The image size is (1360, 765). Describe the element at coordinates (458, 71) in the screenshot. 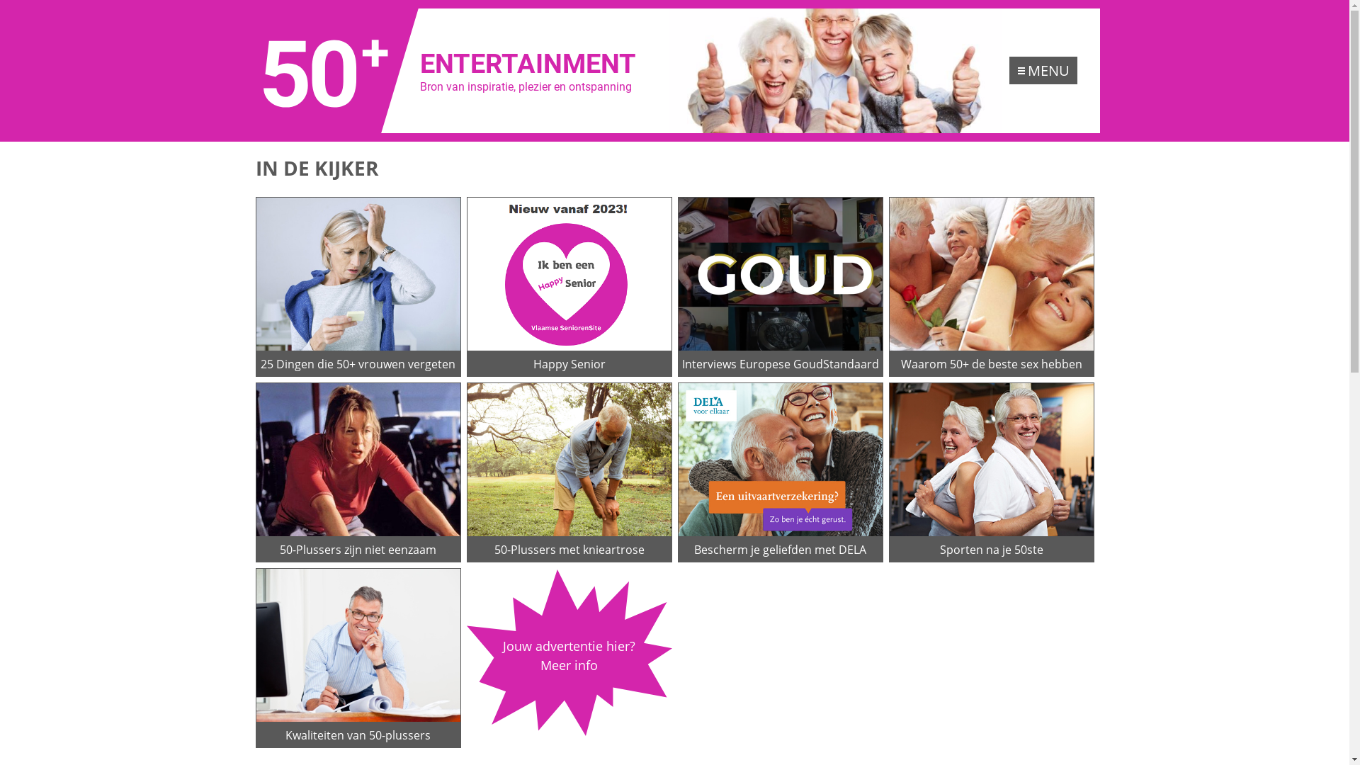

I see `'ENTERTAINMENT` at that location.